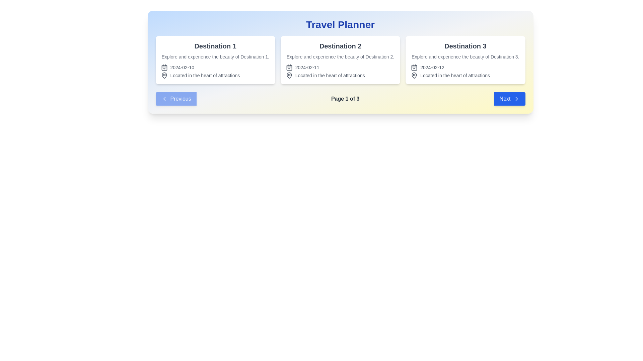  I want to click on the calendar-check icon located to the left of the 'Destination 3' section's header area, alongside the date '2024-02-12', so click(414, 68).